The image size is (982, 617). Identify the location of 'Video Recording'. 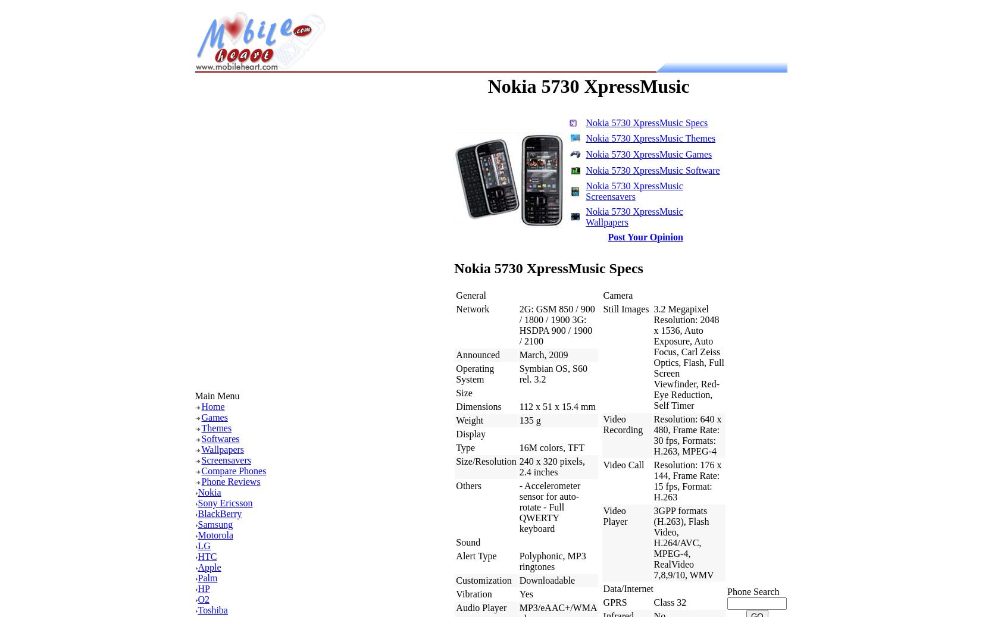
(623, 424).